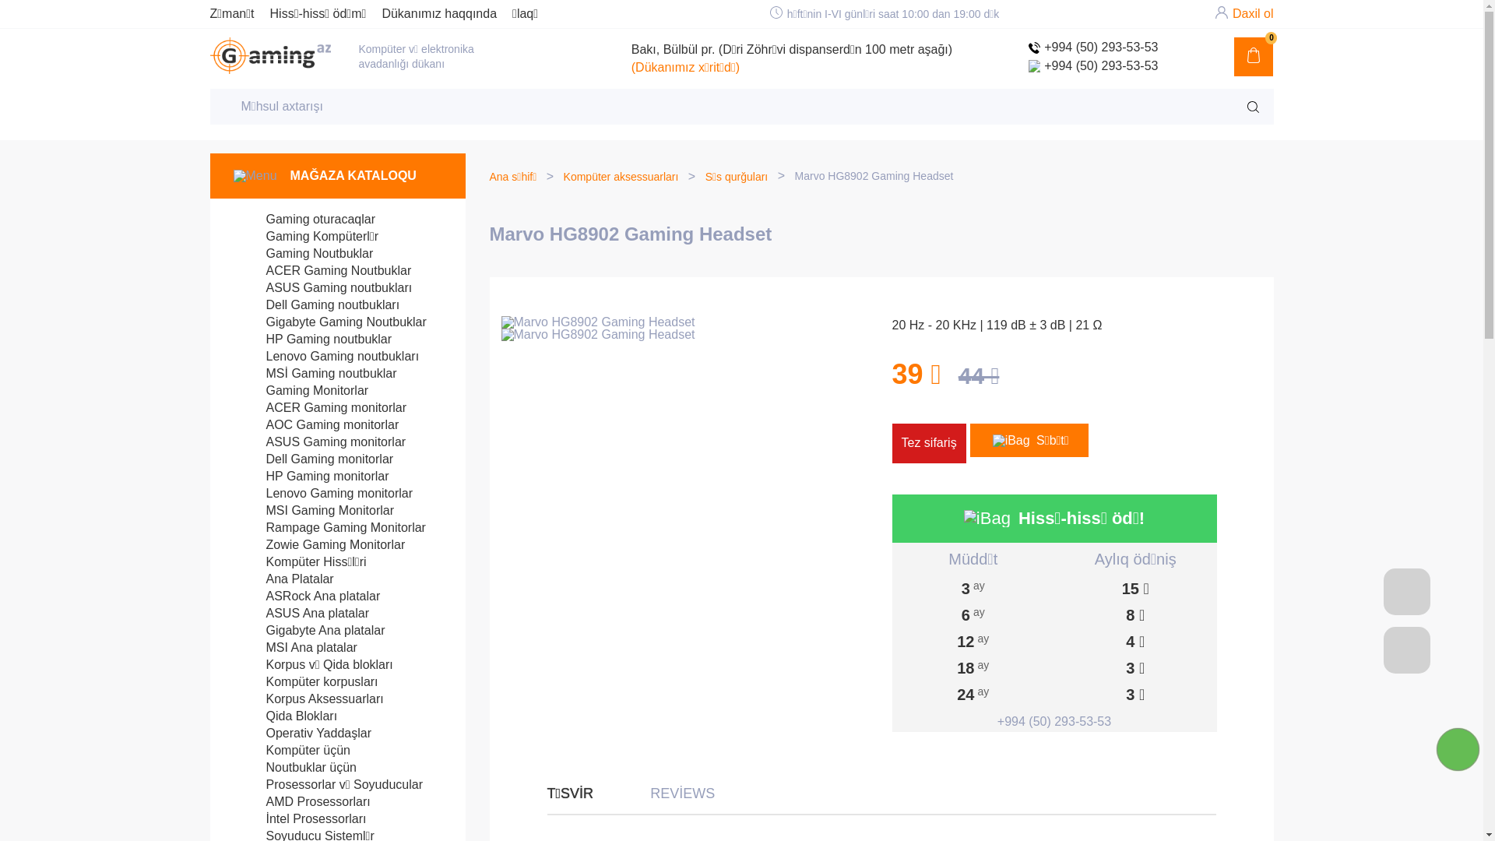 The height and width of the screenshot is (841, 1495). Describe the element at coordinates (315, 424) in the screenshot. I see `'AOC Gaming monitorlar'` at that location.